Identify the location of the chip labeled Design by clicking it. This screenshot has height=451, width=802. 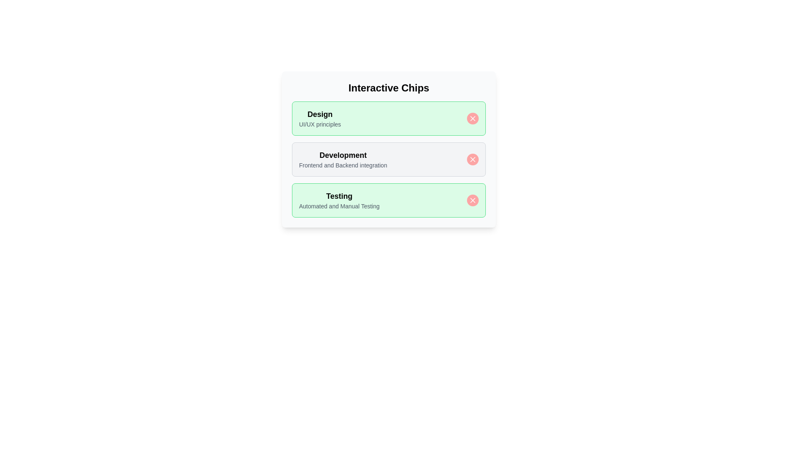
(388, 119).